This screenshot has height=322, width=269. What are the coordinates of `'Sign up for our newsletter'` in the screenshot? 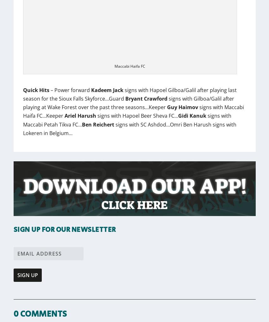 It's located at (64, 229).